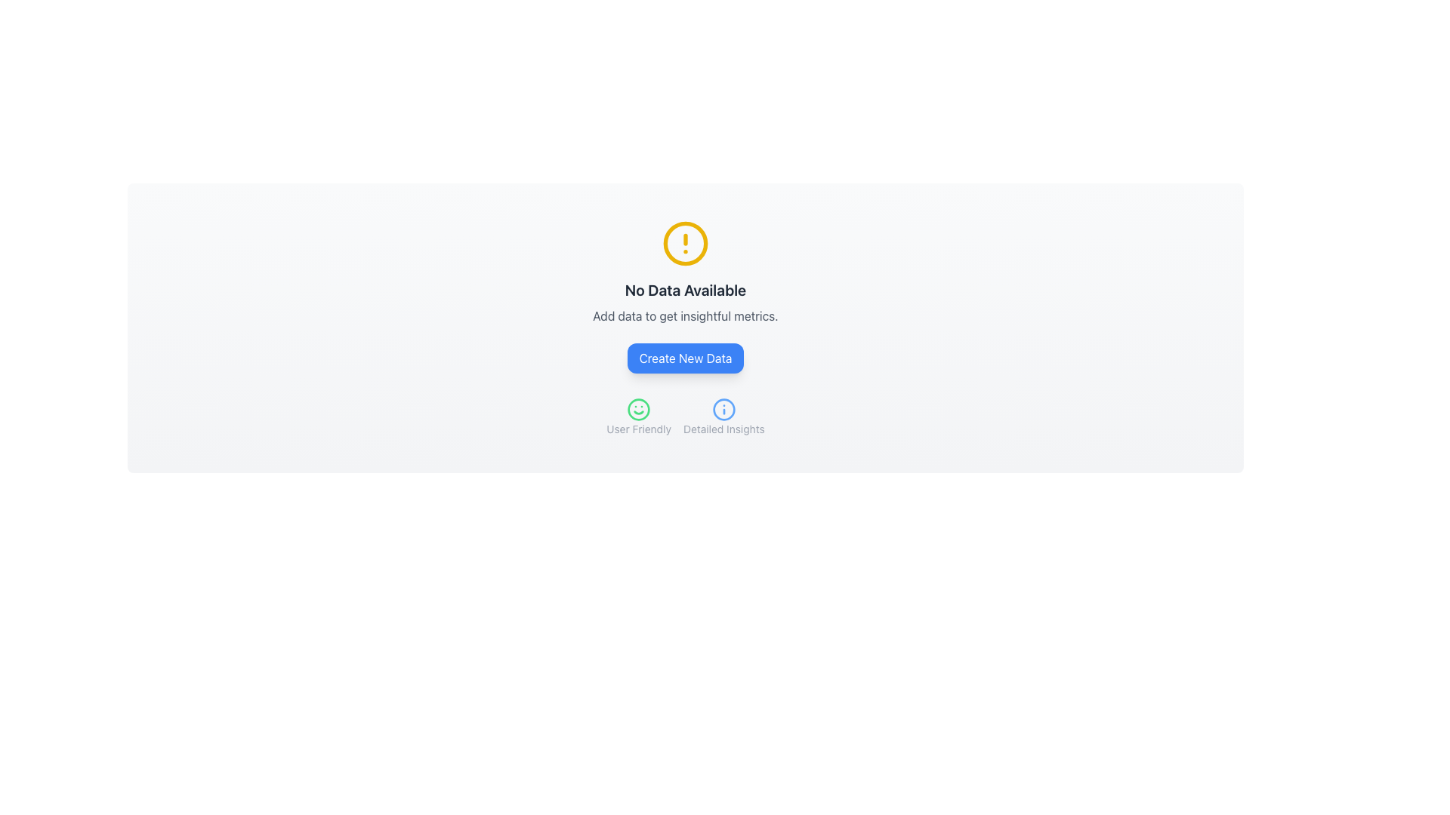  I want to click on the central circular region of the smiley face icon, so click(639, 410).